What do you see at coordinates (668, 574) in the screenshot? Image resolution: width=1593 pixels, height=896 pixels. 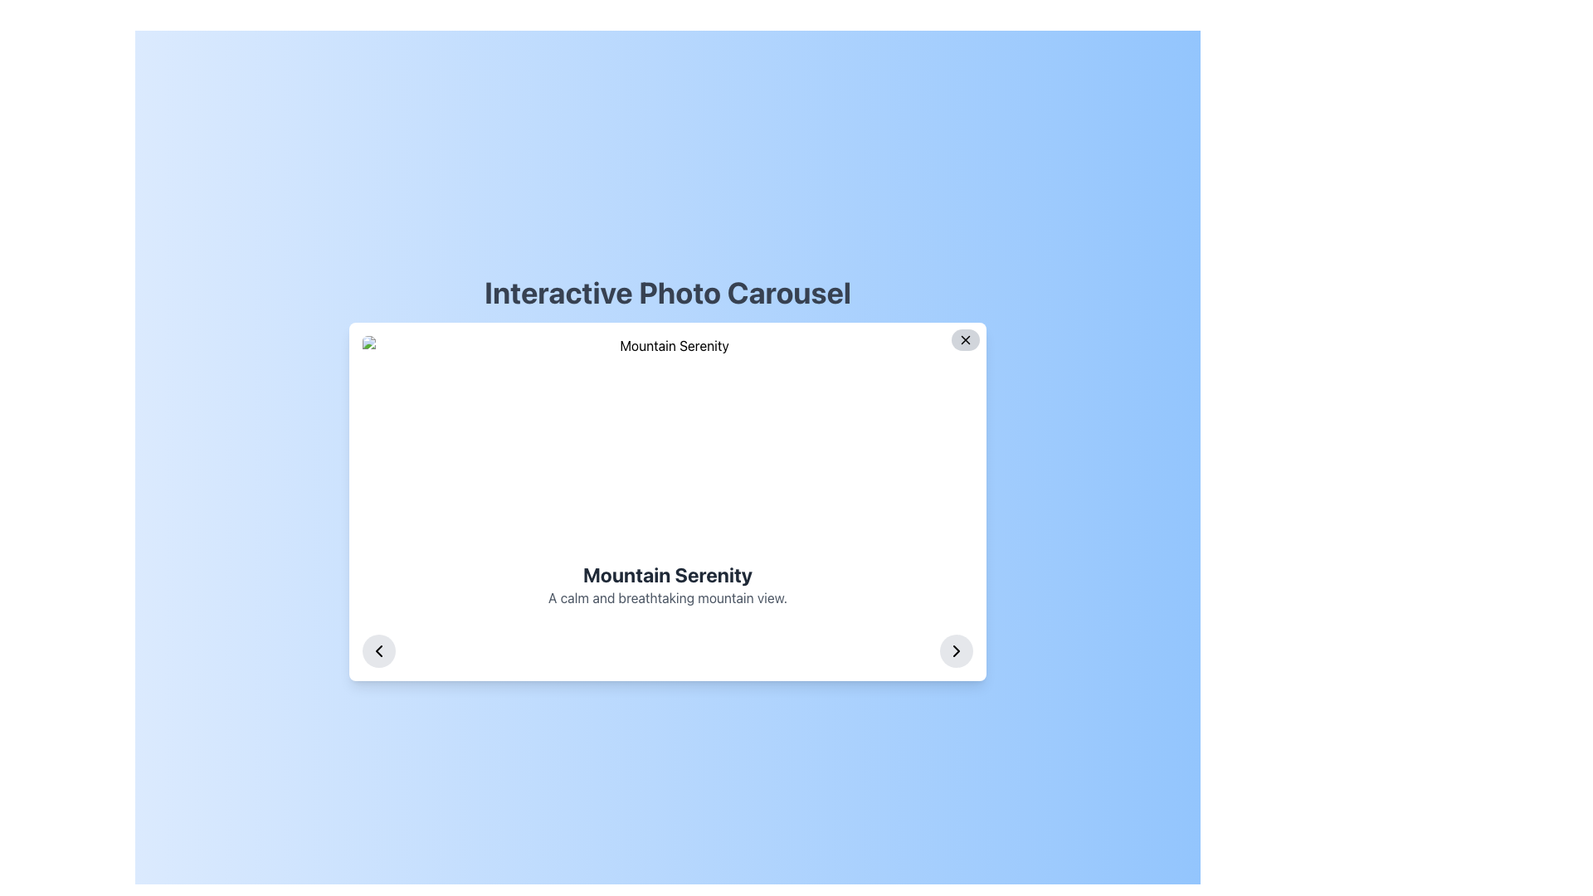 I see `the Label or Header text that serves as a title or label for the displayed content, positioned centrally below an image and above a description text` at bounding box center [668, 574].